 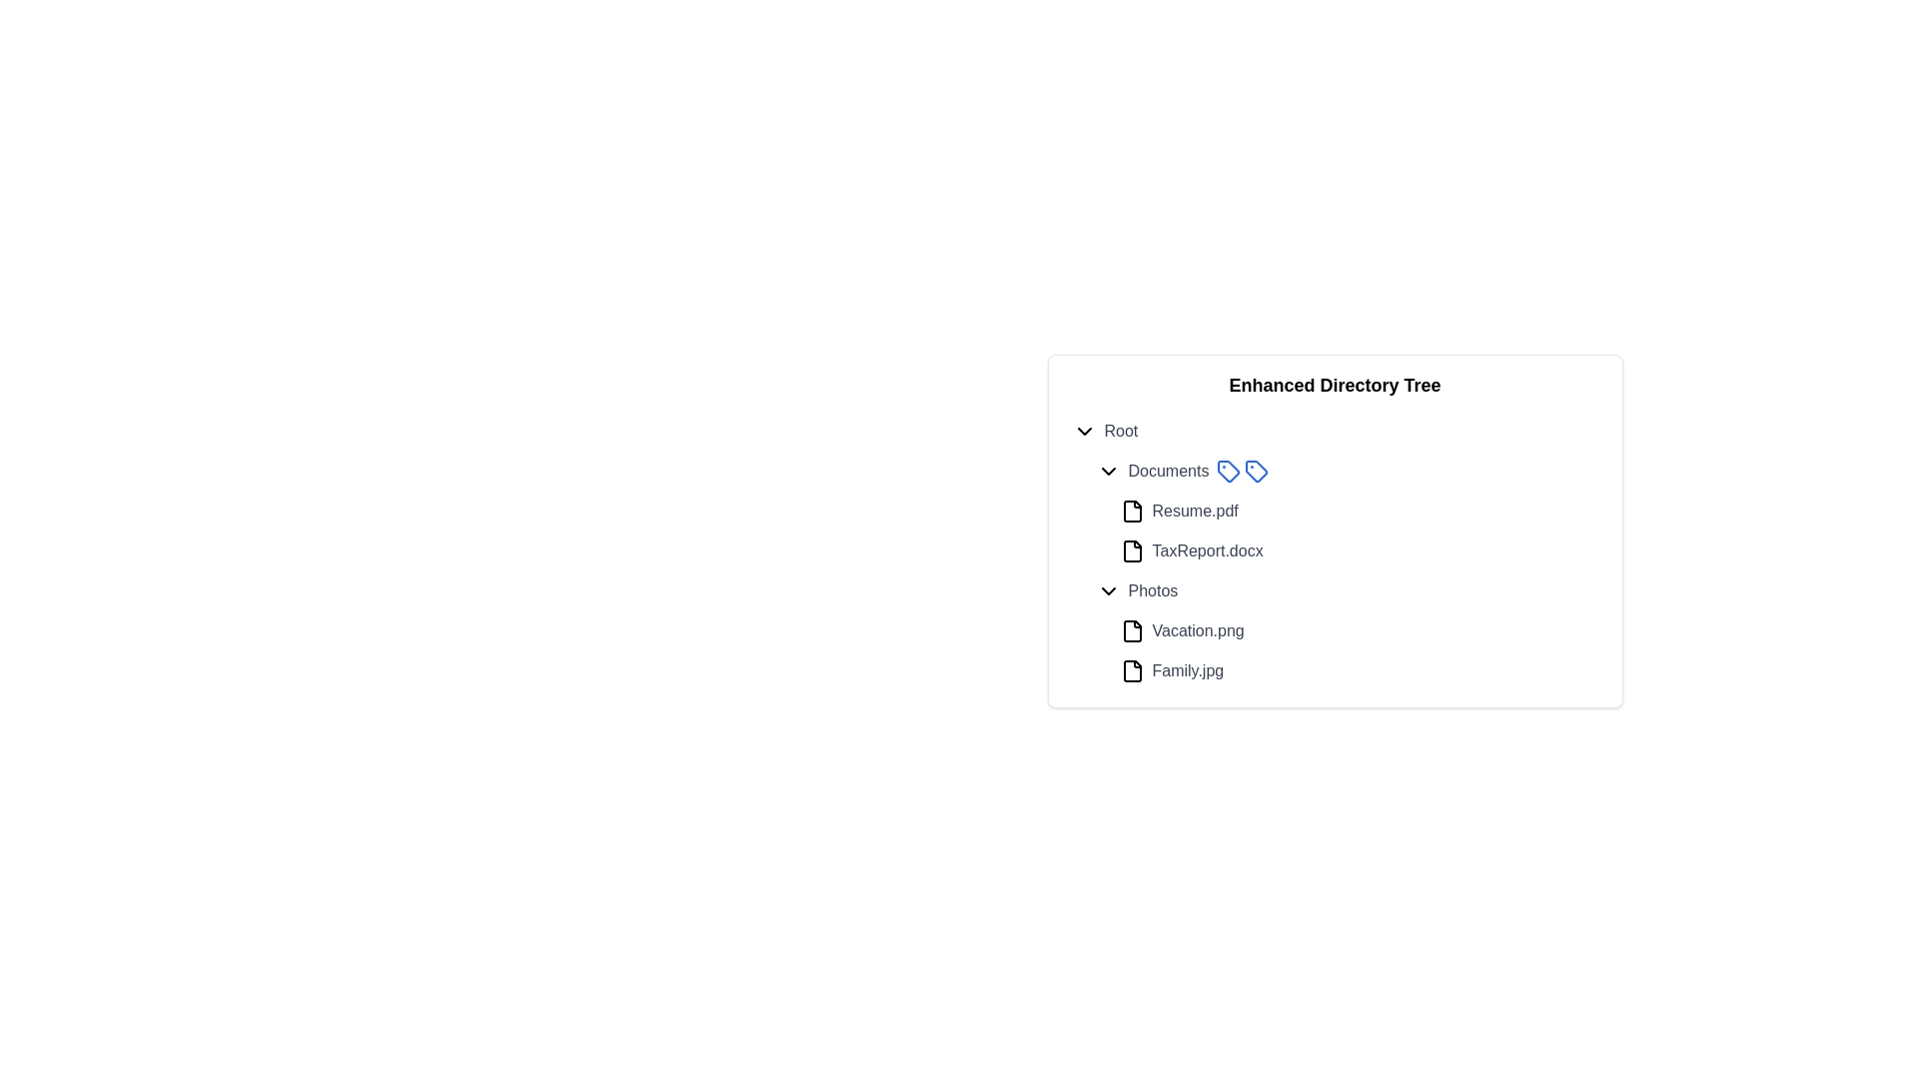 What do you see at coordinates (1132, 511) in the screenshot?
I see `the decorative icon representing the PDF file type located at the far-left side of the 'Resume.pdf' list item in the 'Documents' folder within the 'Enhanced Directory Tree' interface` at bounding box center [1132, 511].